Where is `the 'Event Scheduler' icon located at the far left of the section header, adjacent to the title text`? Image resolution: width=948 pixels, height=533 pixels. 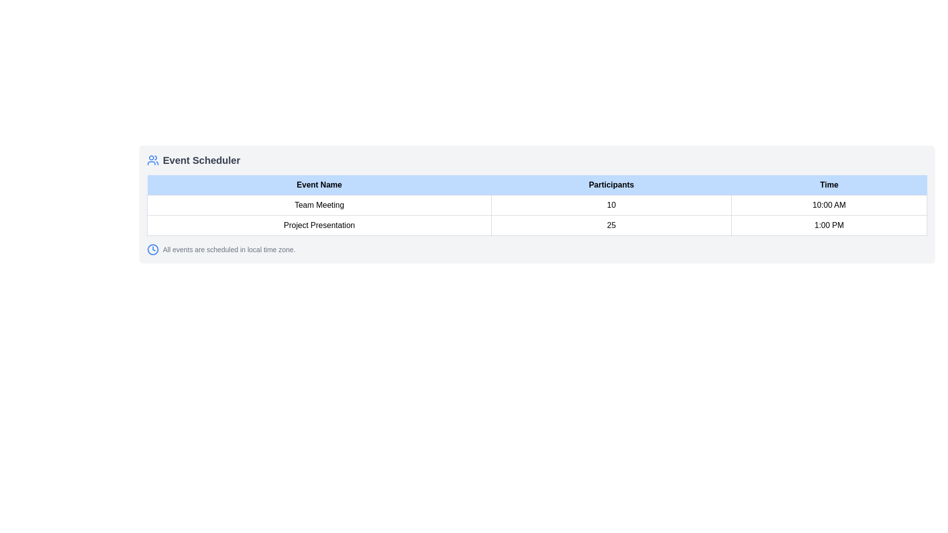
the 'Event Scheduler' icon located at the far left of the section header, adjacent to the title text is located at coordinates (153, 159).